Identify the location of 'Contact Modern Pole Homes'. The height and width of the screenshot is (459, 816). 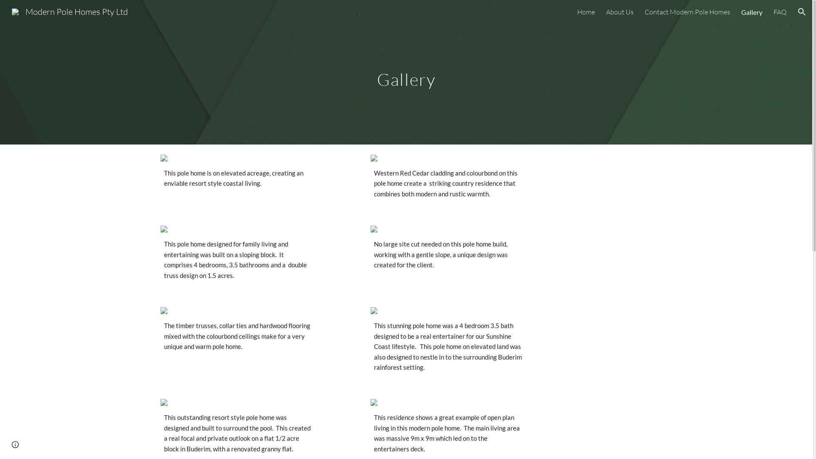
(687, 11).